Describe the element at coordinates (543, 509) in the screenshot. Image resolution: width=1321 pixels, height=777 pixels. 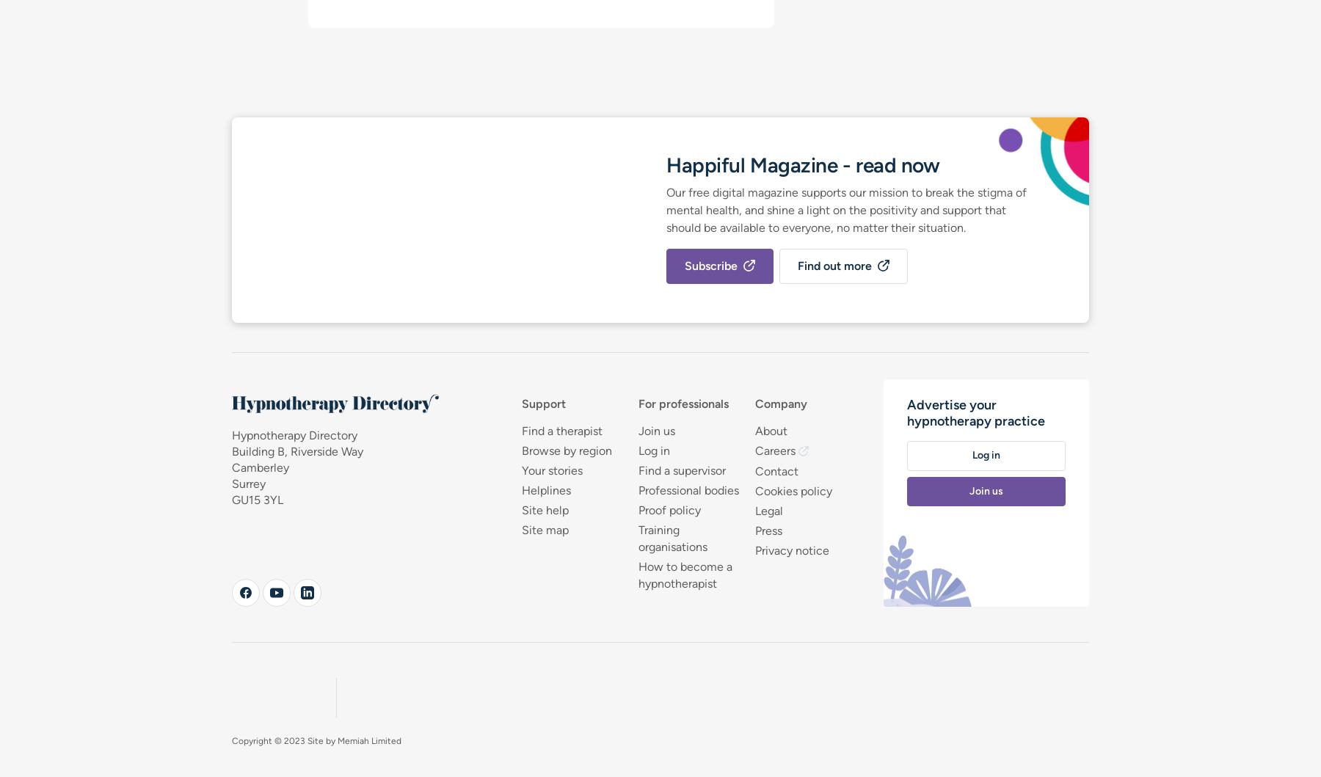
I see `'Site help'` at that location.